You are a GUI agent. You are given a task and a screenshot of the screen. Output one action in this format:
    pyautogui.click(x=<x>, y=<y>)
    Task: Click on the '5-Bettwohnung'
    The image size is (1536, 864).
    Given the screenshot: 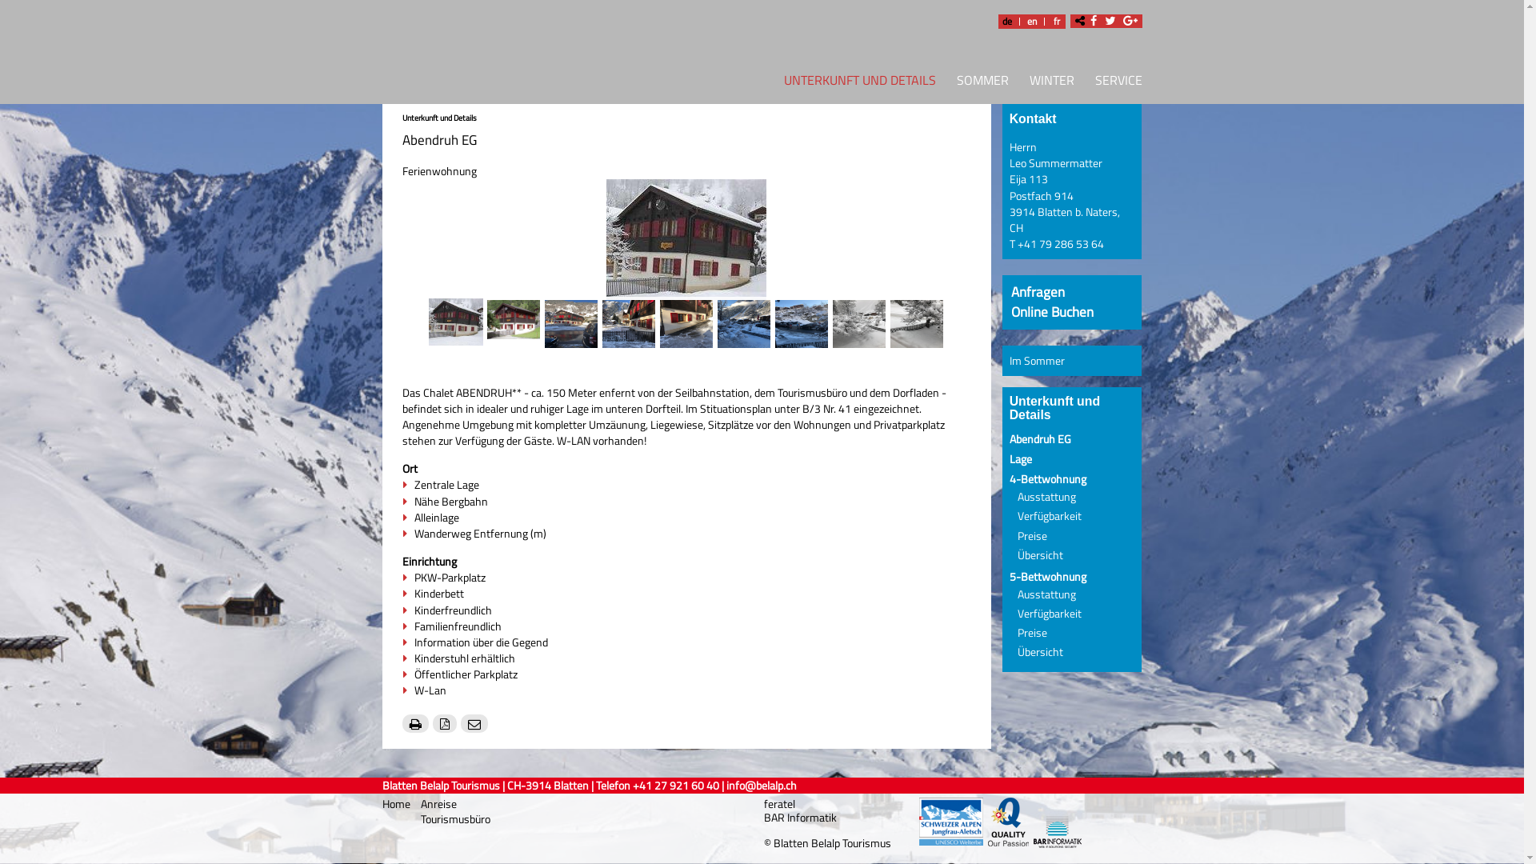 What is the action you would take?
    pyautogui.click(x=1009, y=577)
    